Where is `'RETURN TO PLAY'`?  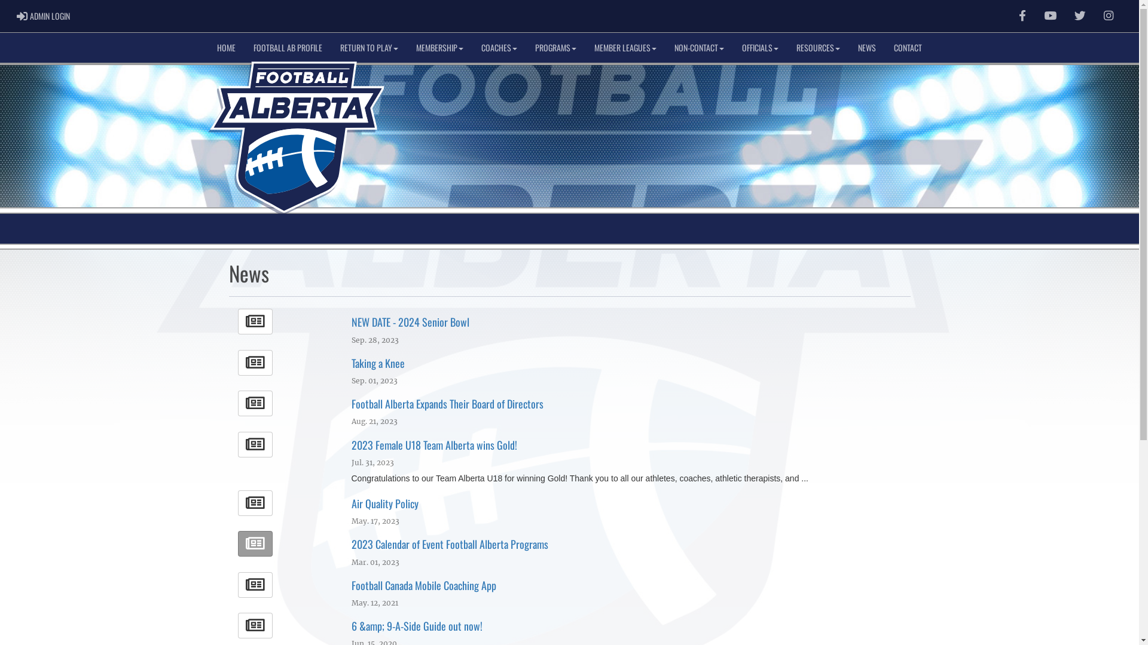 'RETURN TO PLAY' is located at coordinates (331, 47).